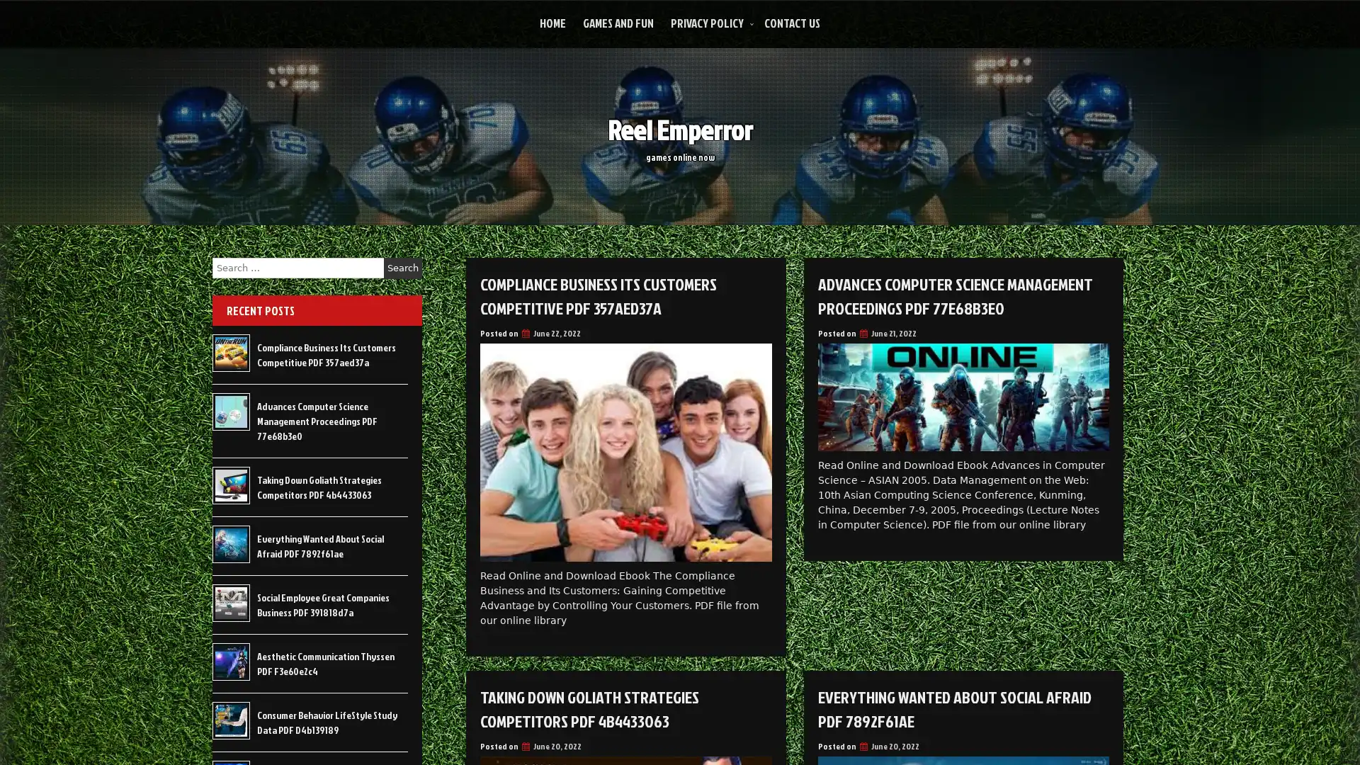 The width and height of the screenshot is (1360, 765). What do you see at coordinates (402, 268) in the screenshot?
I see `Search` at bounding box center [402, 268].